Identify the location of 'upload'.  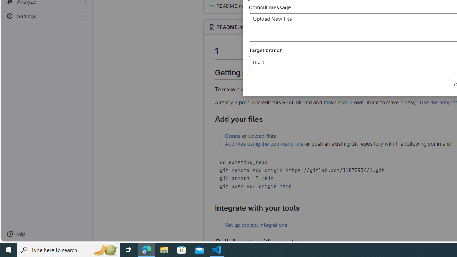
(256, 135).